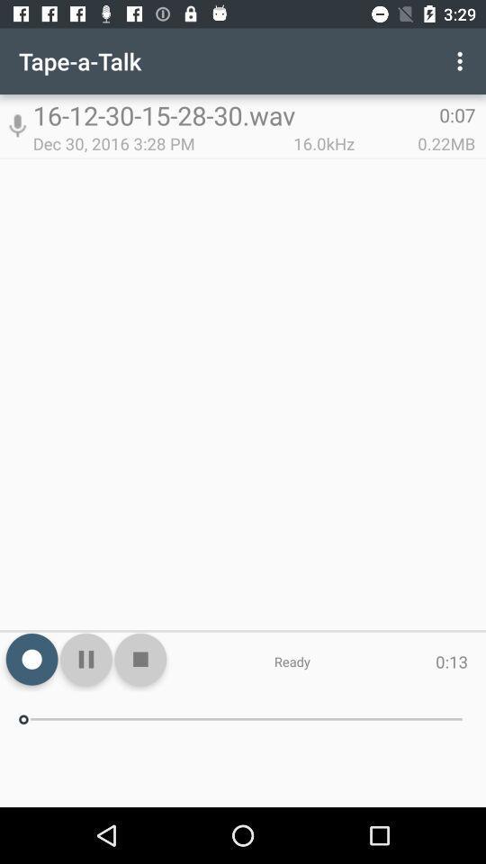 Image resolution: width=486 pixels, height=864 pixels. I want to click on the national_flag icon, so click(31, 658).